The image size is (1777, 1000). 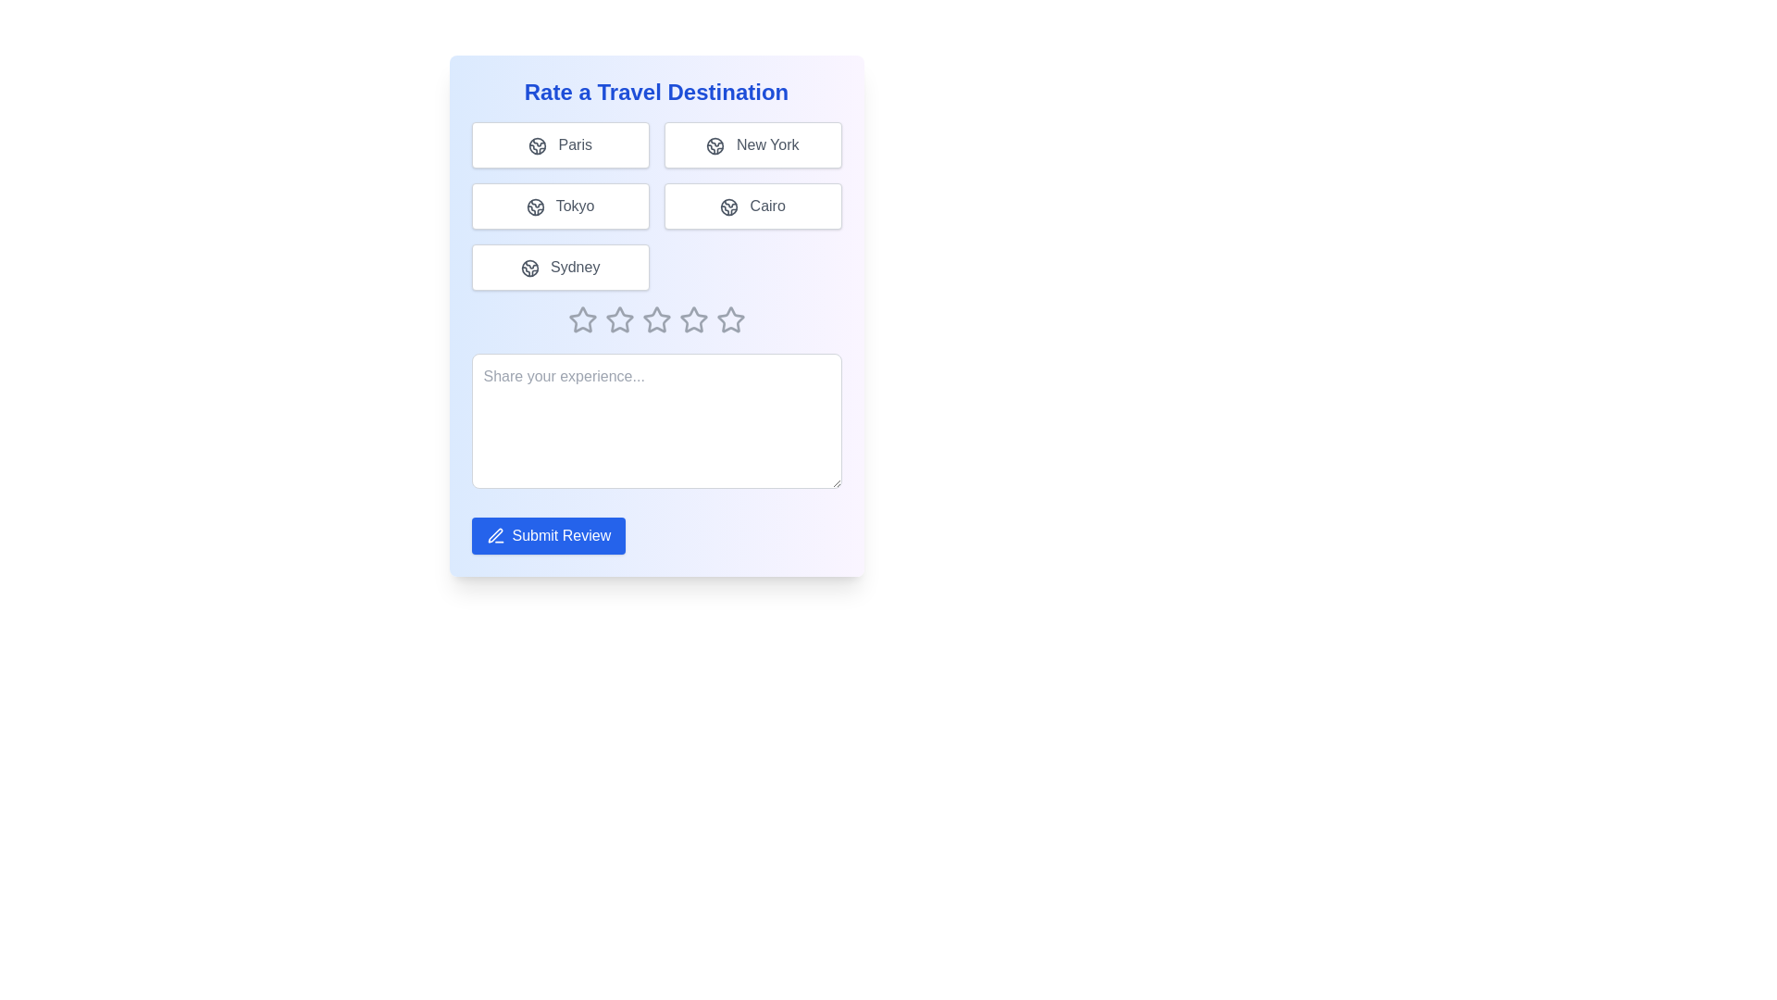 I want to click on the button representing a travel destination in the grid layout, so click(x=656, y=206).